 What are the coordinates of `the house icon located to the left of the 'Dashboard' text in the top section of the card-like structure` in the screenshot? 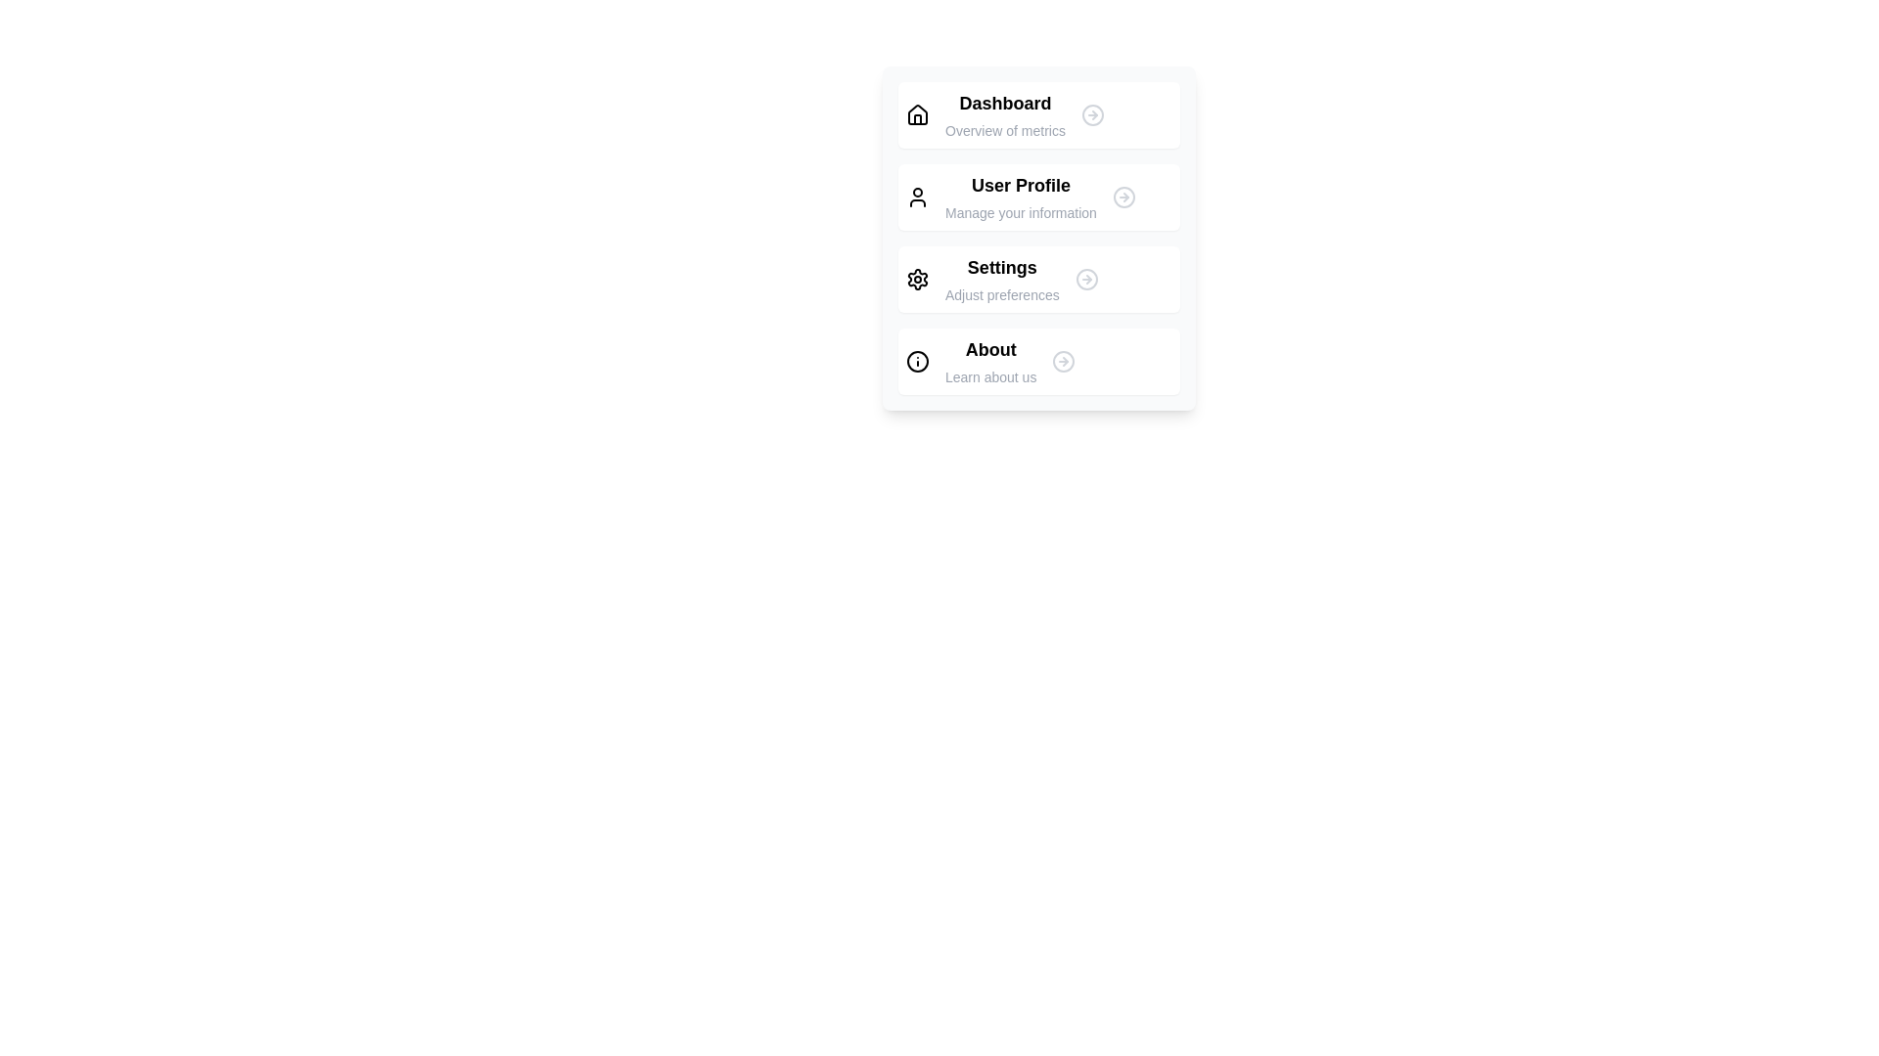 It's located at (916, 115).